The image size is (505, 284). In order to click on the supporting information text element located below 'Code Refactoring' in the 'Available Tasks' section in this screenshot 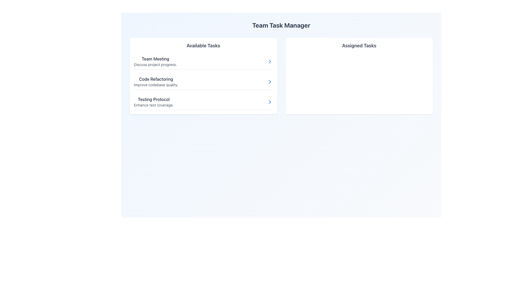, I will do `click(156, 85)`.